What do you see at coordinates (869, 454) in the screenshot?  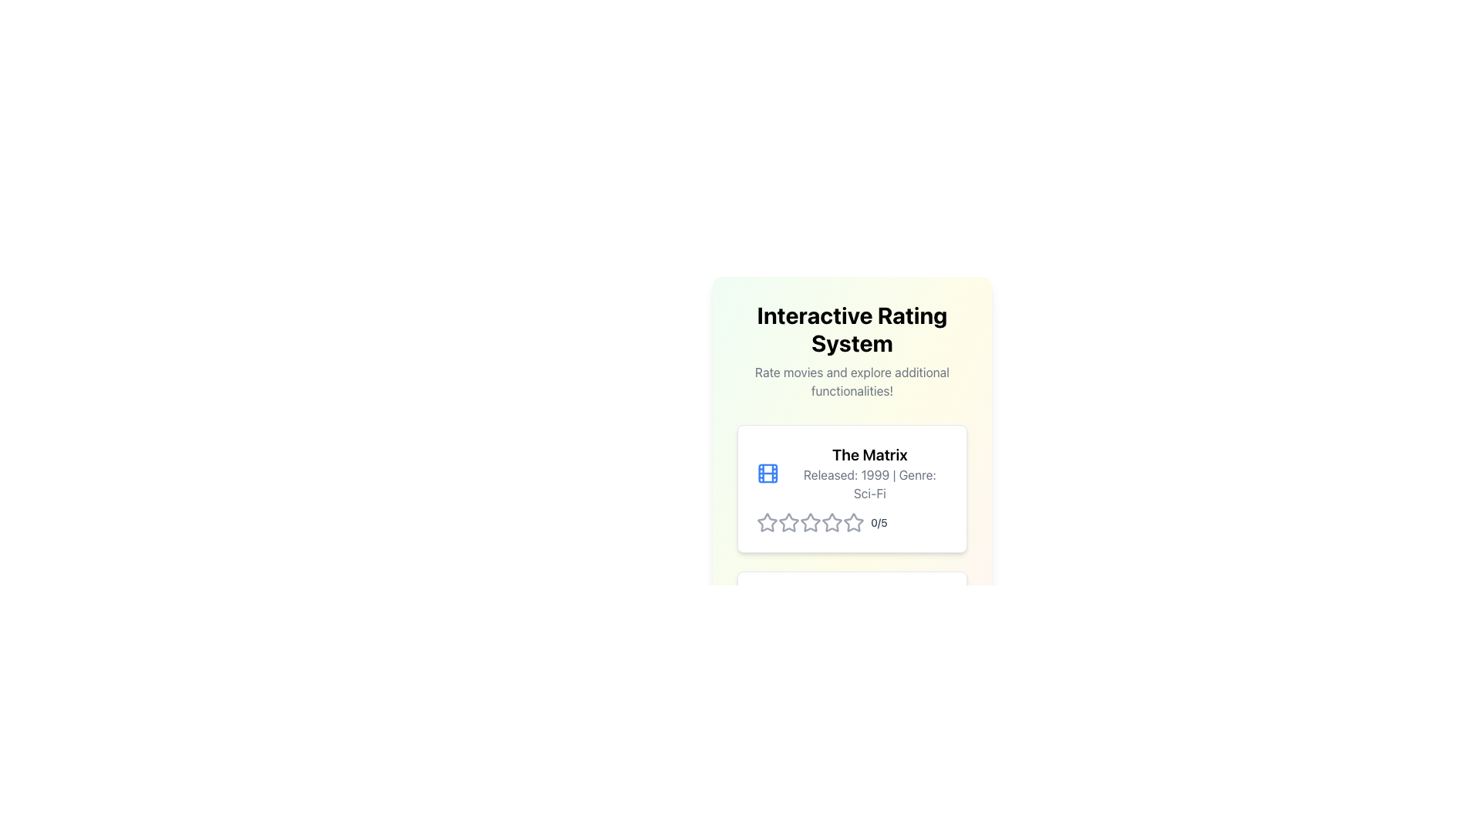 I see `the movie title text label located at the top of the movie description card, which is horizontally centered and provides the main identifier for the movie information` at bounding box center [869, 454].